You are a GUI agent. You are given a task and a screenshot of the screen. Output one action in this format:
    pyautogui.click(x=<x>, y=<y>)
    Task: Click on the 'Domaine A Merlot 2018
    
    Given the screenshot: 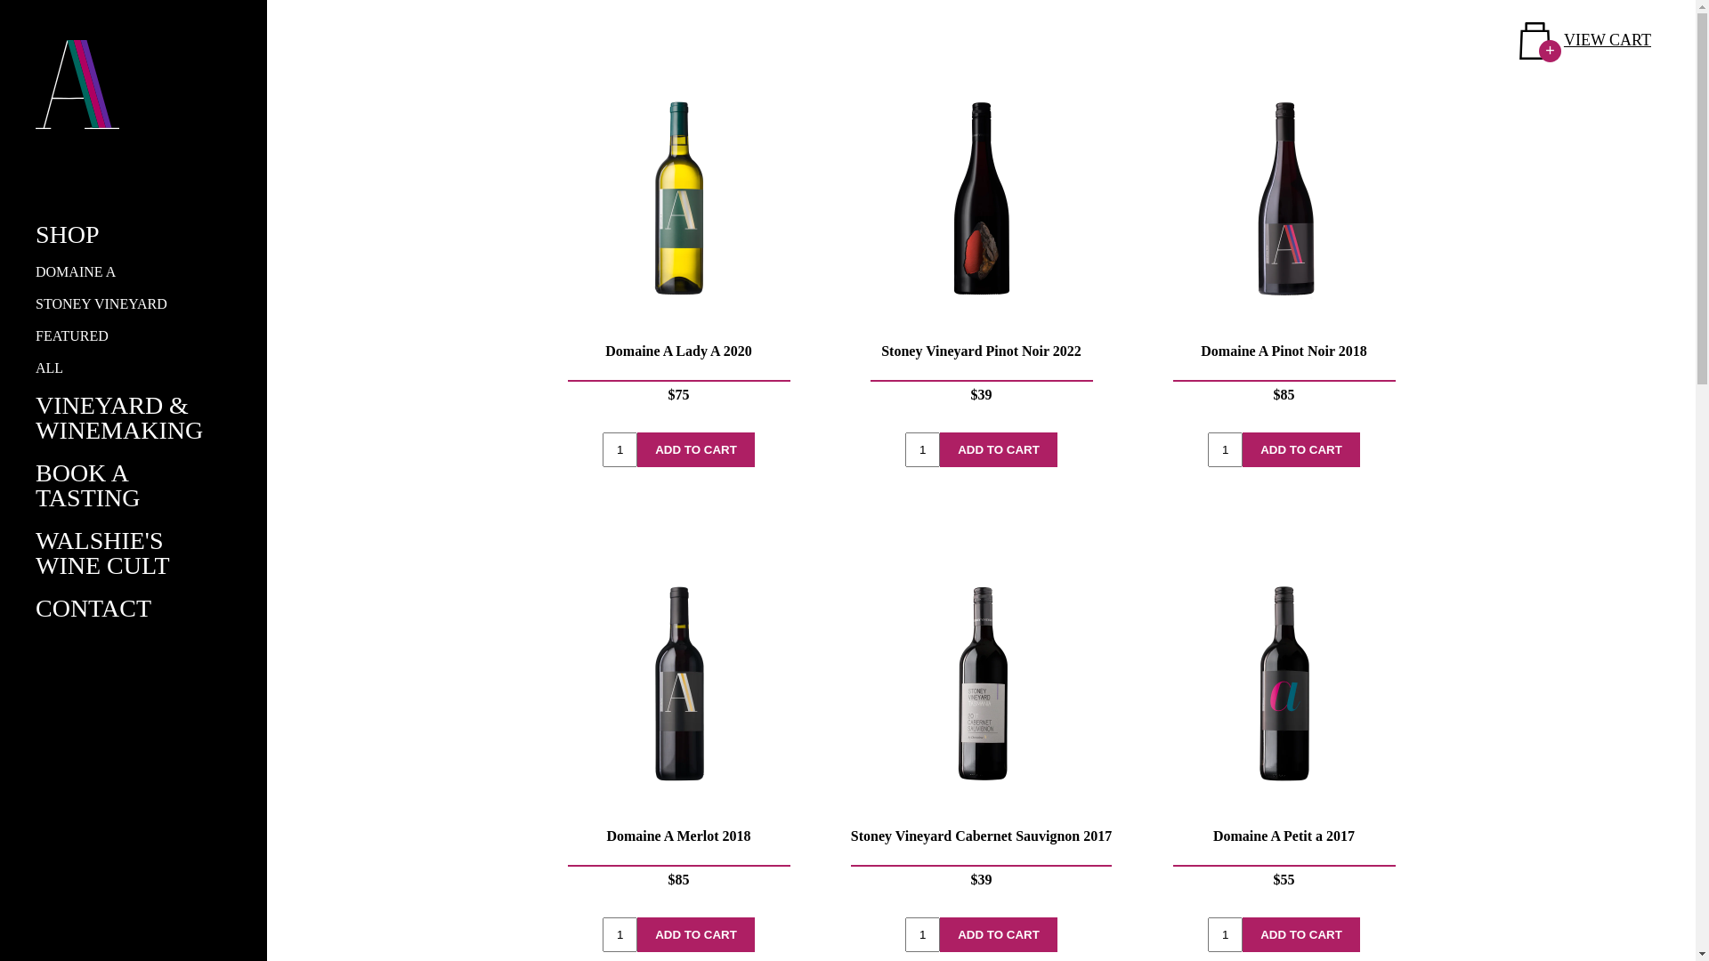 What is the action you would take?
    pyautogui.click(x=543, y=731)
    